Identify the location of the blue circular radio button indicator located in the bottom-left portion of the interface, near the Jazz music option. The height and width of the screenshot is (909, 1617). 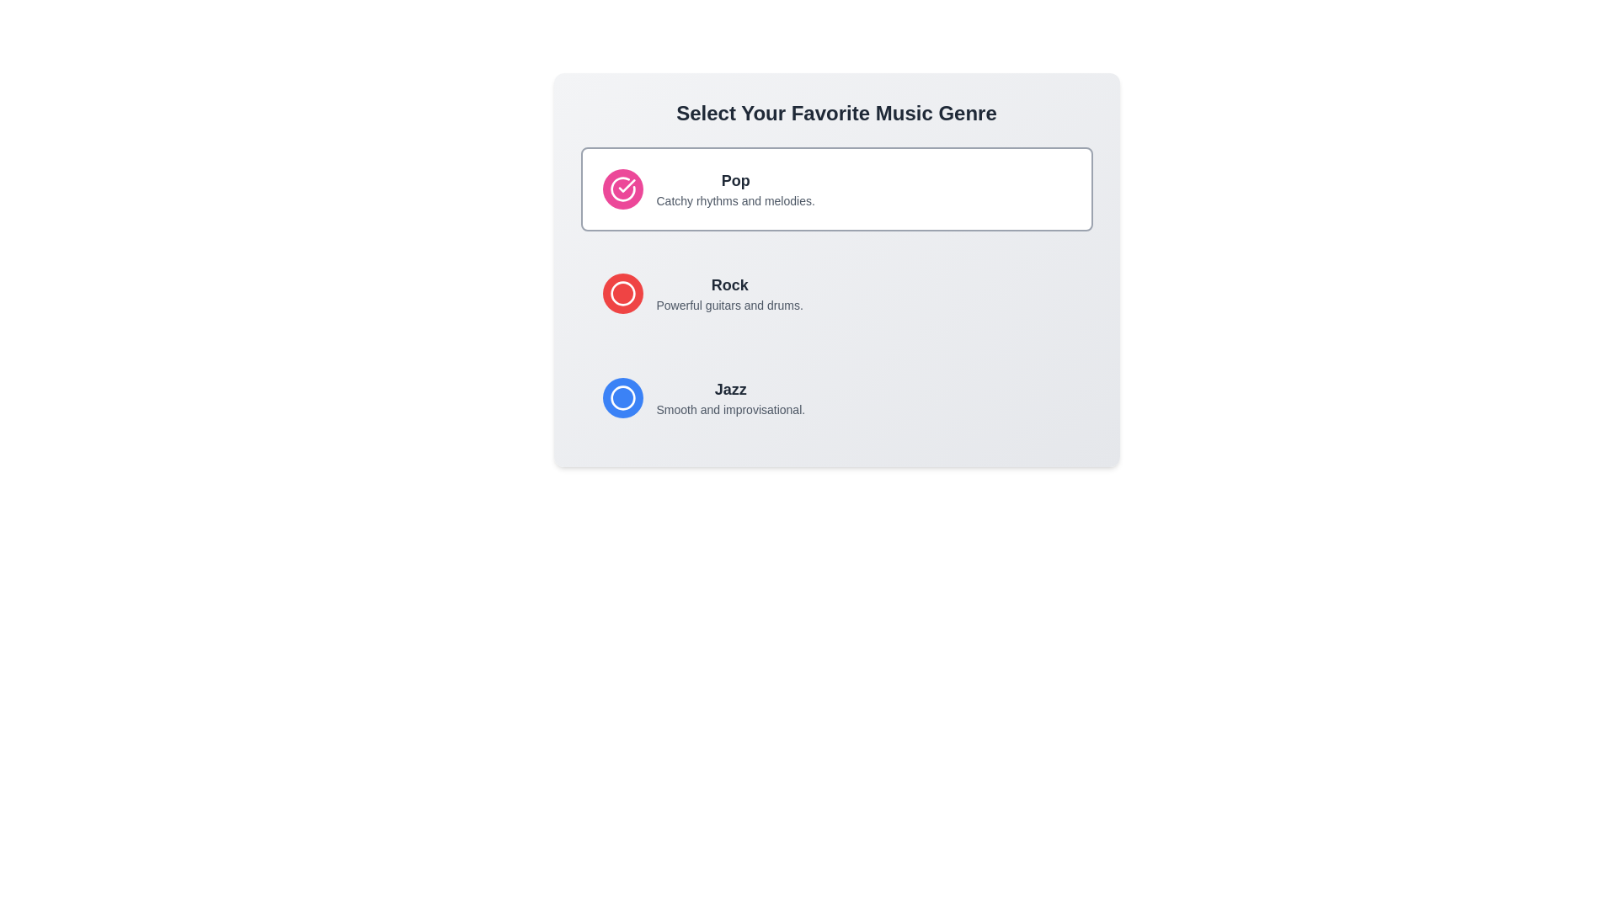
(622, 398).